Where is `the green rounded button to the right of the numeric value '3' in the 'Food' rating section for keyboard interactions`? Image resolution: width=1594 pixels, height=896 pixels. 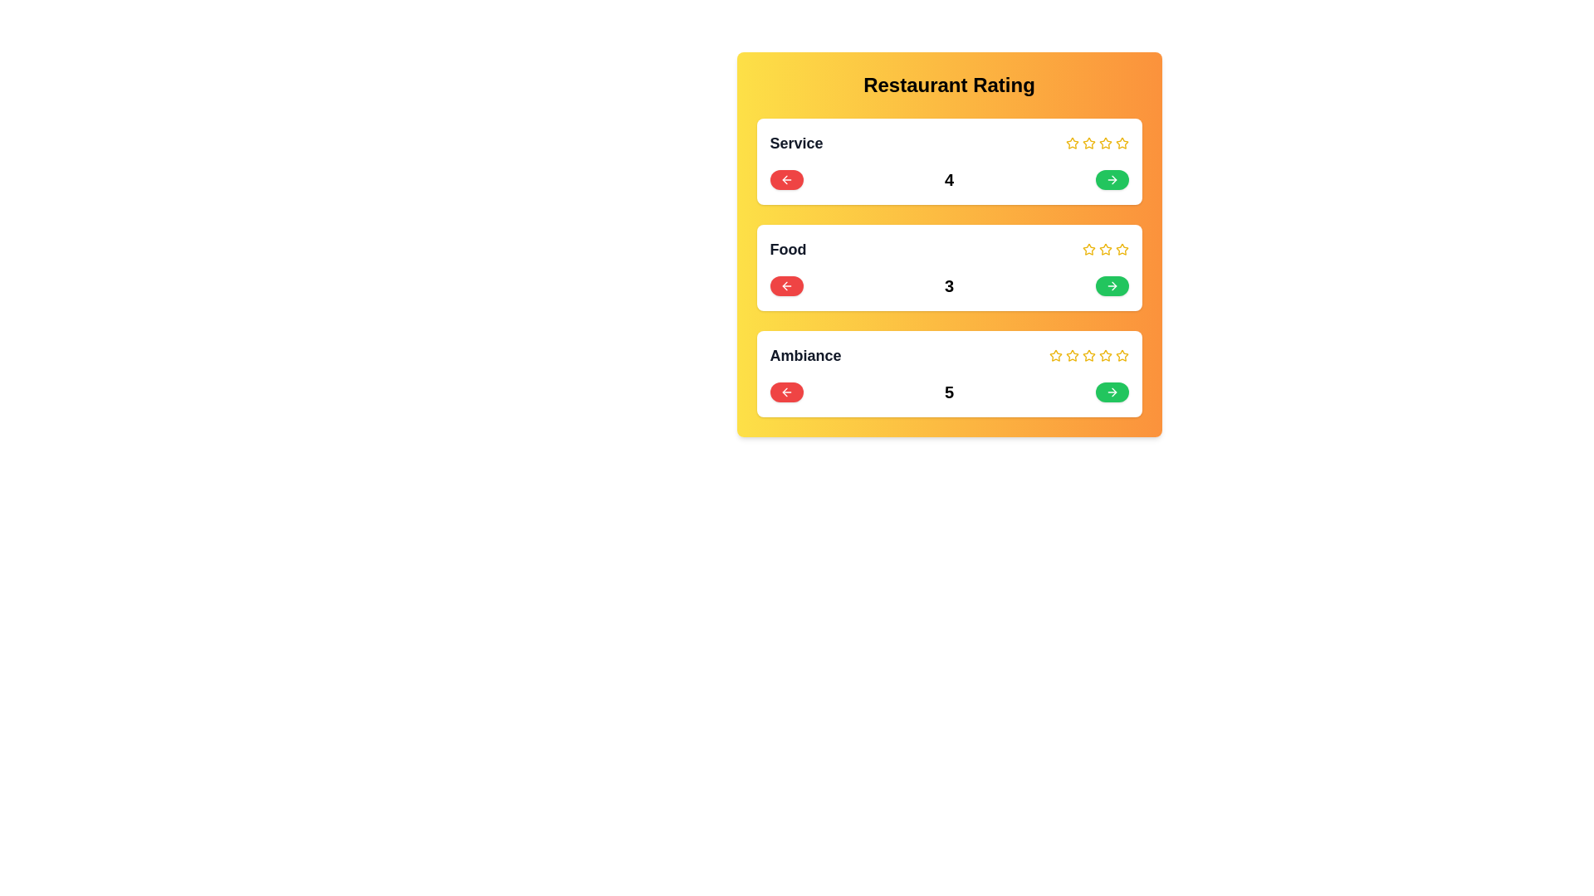 the green rounded button to the right of the numeric value '3' in the 'Food' rating section for keyboard interactions is located at coordinates (1112, 285).